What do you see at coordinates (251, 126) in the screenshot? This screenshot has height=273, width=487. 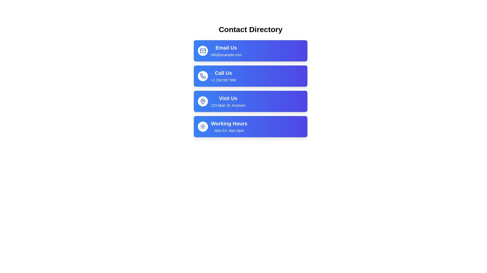 I see `the Informational Panel that displays office working hours, indicating operations from Monday to Friday, 9am to 5pm, located at the bottom-most row of a vertically stacked list of contact details` at bounding box center [251, 126].